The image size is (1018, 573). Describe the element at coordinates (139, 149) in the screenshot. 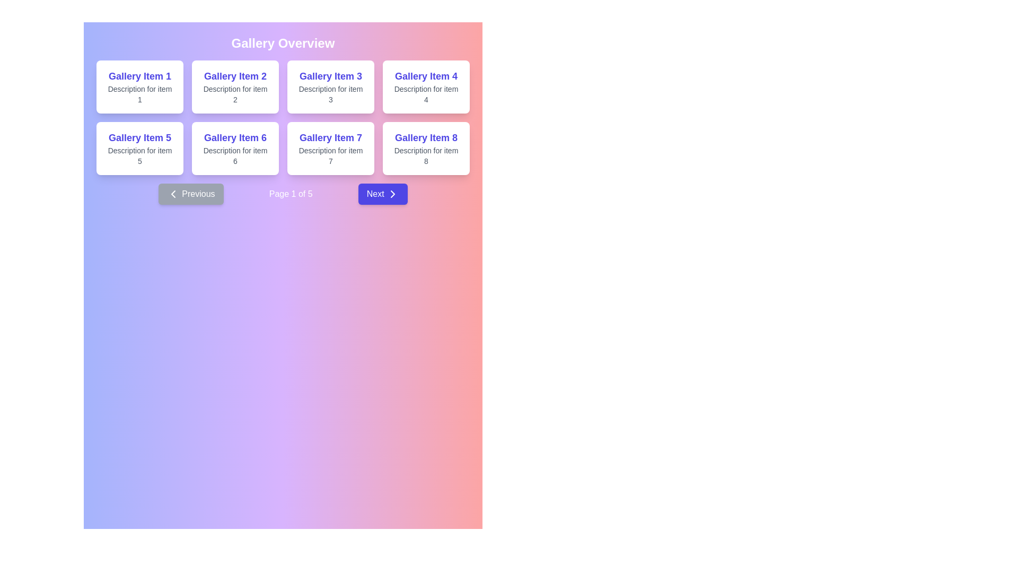

I see `the card component labeled 'Gallery Item 5' which features a white background, rounded corners, and contains bold blue text at the top and gray text below` at that location.